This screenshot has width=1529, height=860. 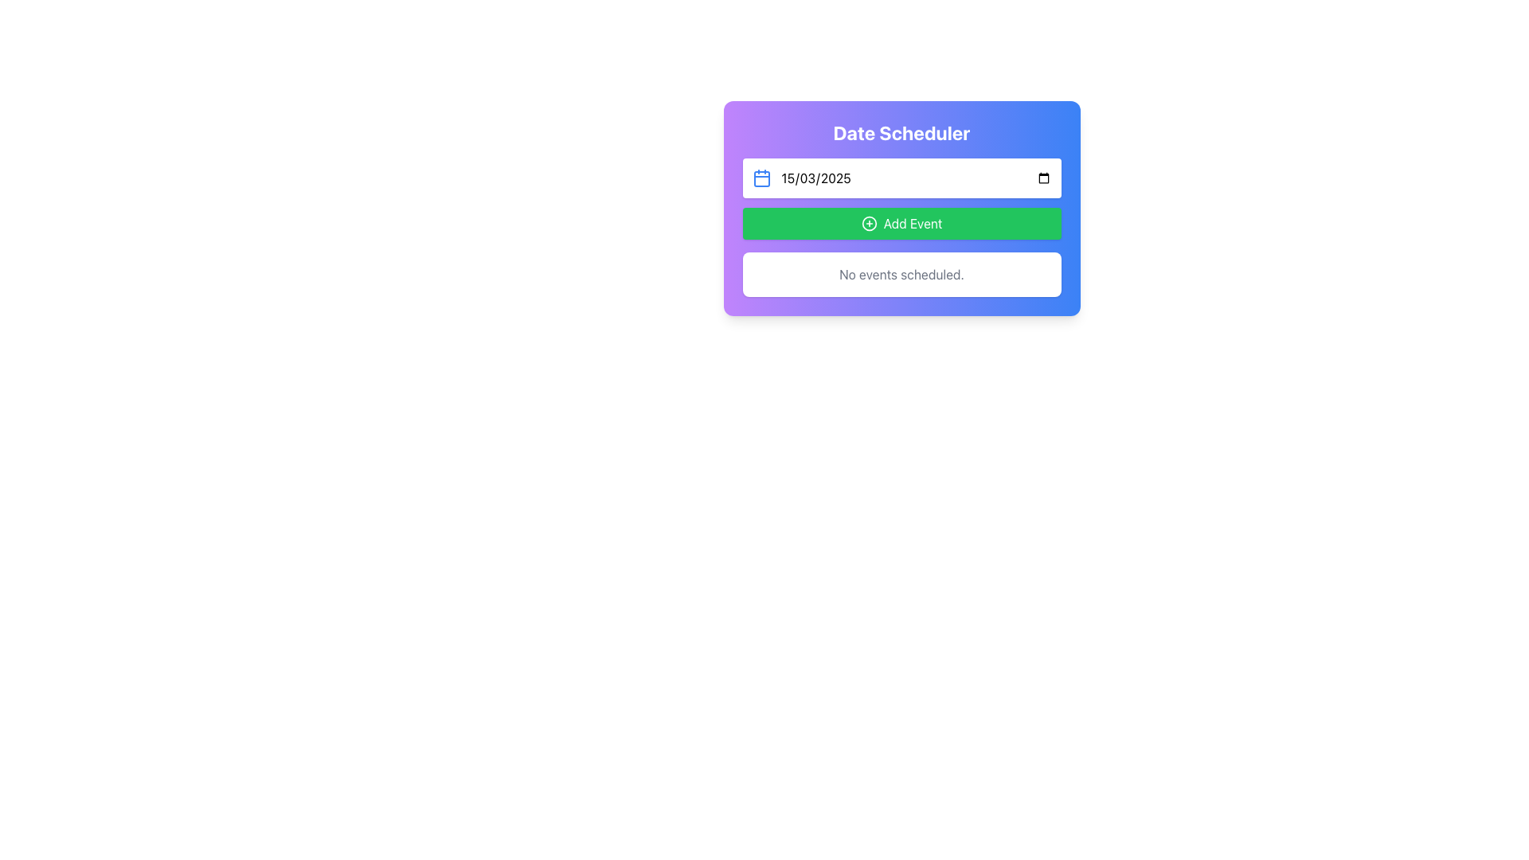 What do you see at coordinates (901, 224) in the screenshot?
I see `the 'Add Event' button, which is a rectangular button with rounded corners, vibrant green color, and white text` at bounding box center [901, 224].